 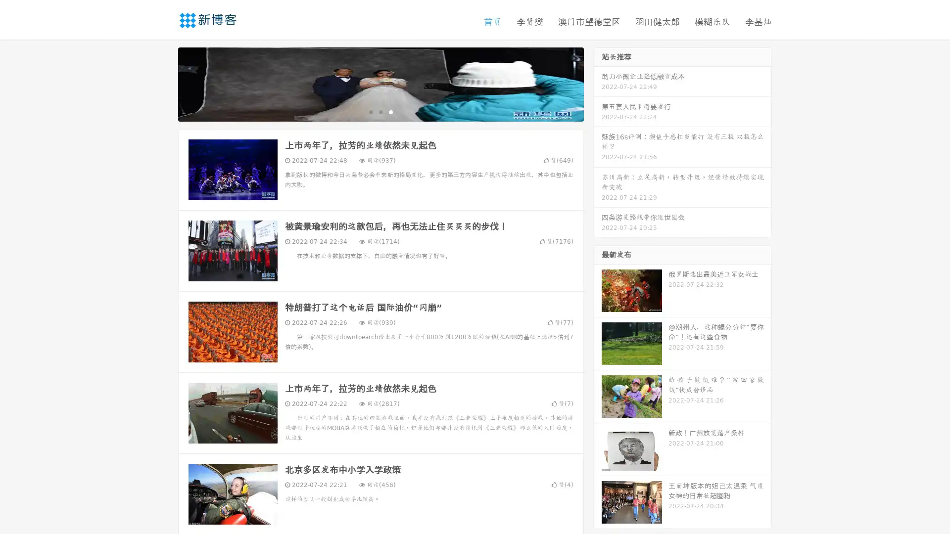 What do you see at coordinates (370, 111) in the screenshot?
I see `Go to slide 1` at bounding box center [370, 111].